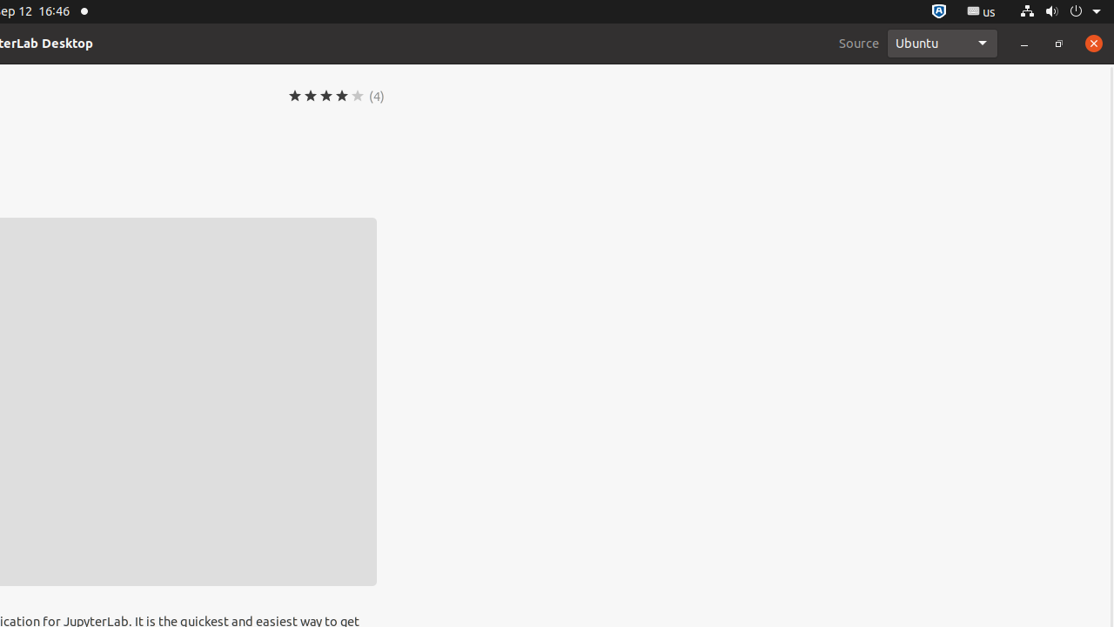 This screenshot has height=627, width=1114. I want to click on 'Source', so click(859, 42).